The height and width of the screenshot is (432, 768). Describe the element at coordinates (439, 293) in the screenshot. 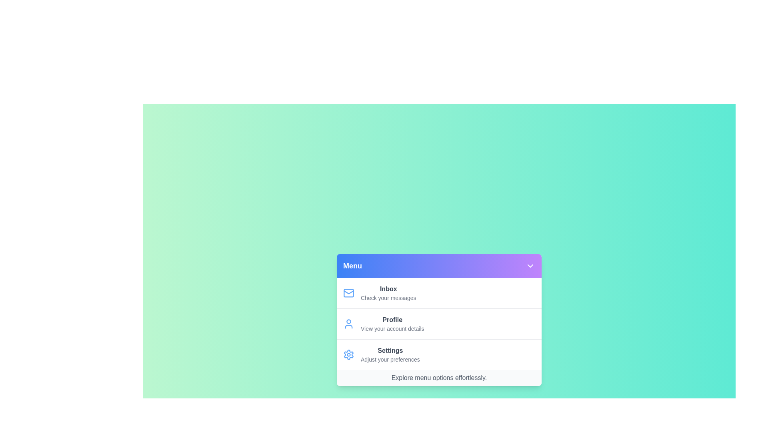

I see `the menu item Inbox from the menu` at that location.